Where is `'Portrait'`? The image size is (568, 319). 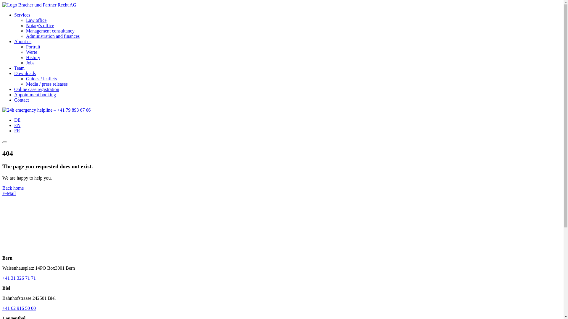
'Portrait' is located at coordinates (33, 46).